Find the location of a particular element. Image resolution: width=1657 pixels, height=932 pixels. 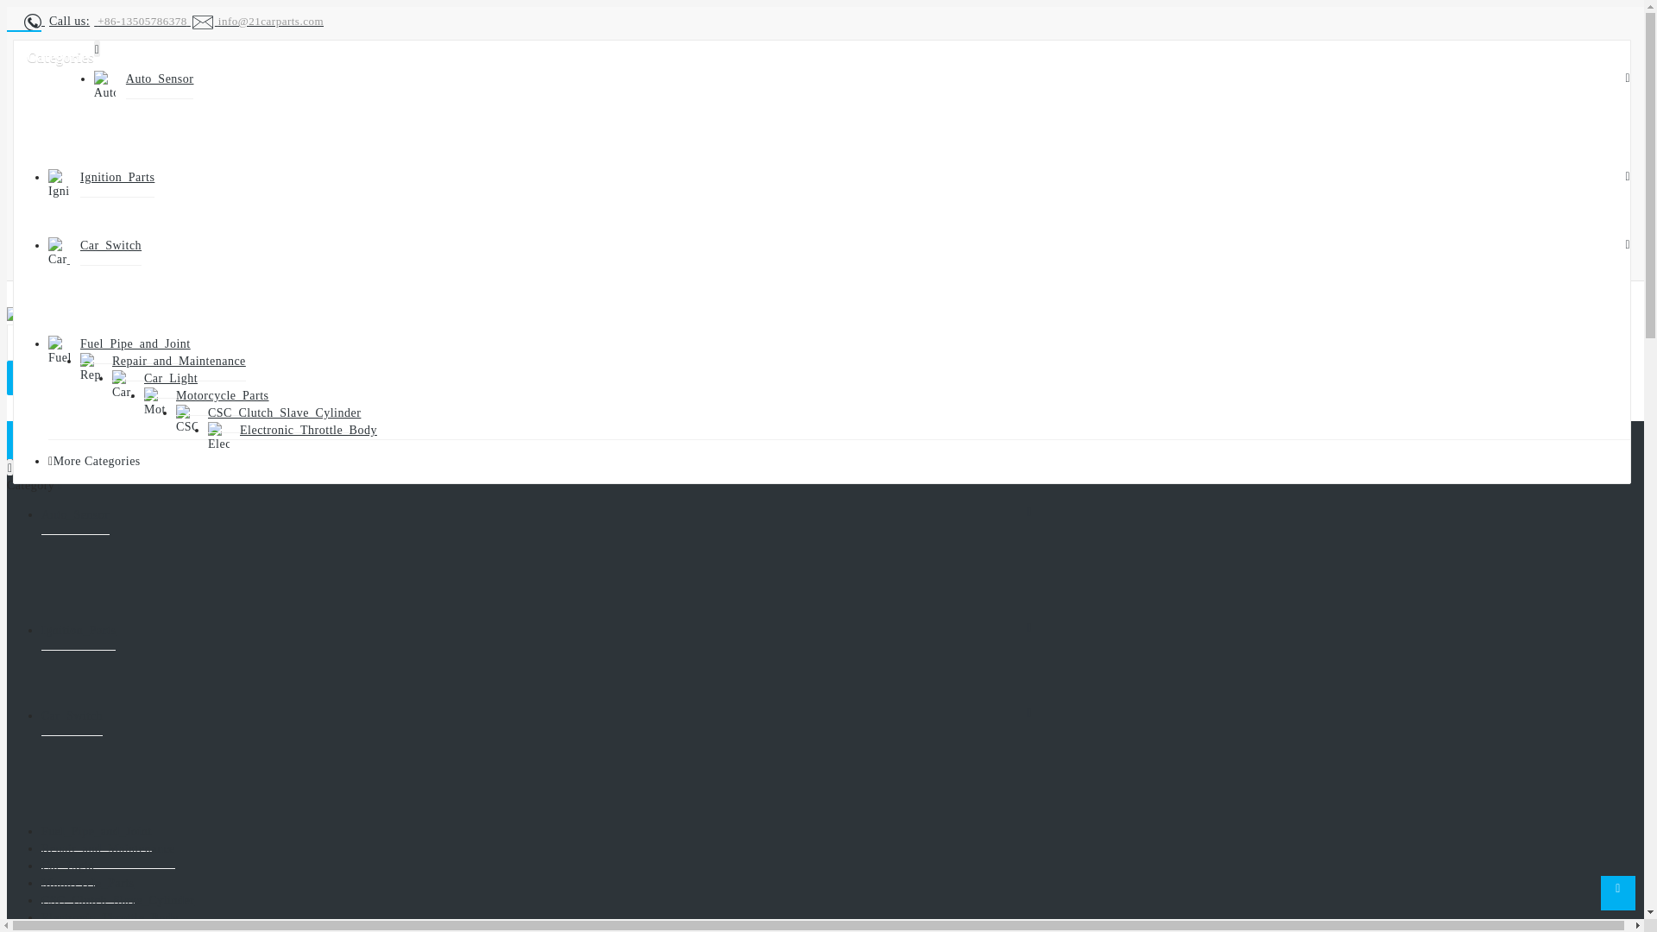

'info@21carparts.com' is located at coordinates (255, 21).